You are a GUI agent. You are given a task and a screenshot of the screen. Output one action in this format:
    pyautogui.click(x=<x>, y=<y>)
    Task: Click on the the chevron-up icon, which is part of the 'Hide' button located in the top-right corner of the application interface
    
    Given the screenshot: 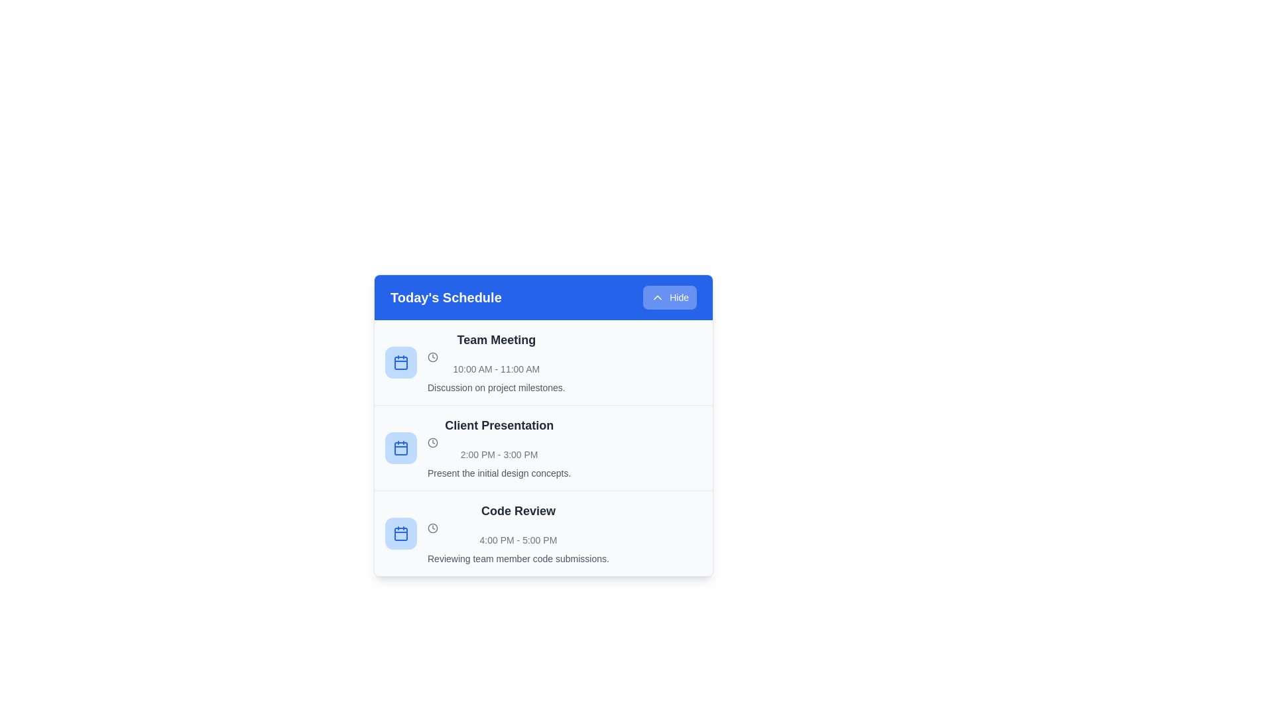 What is the action you would take?
    pyautogui.click(x=658, y=296)
    